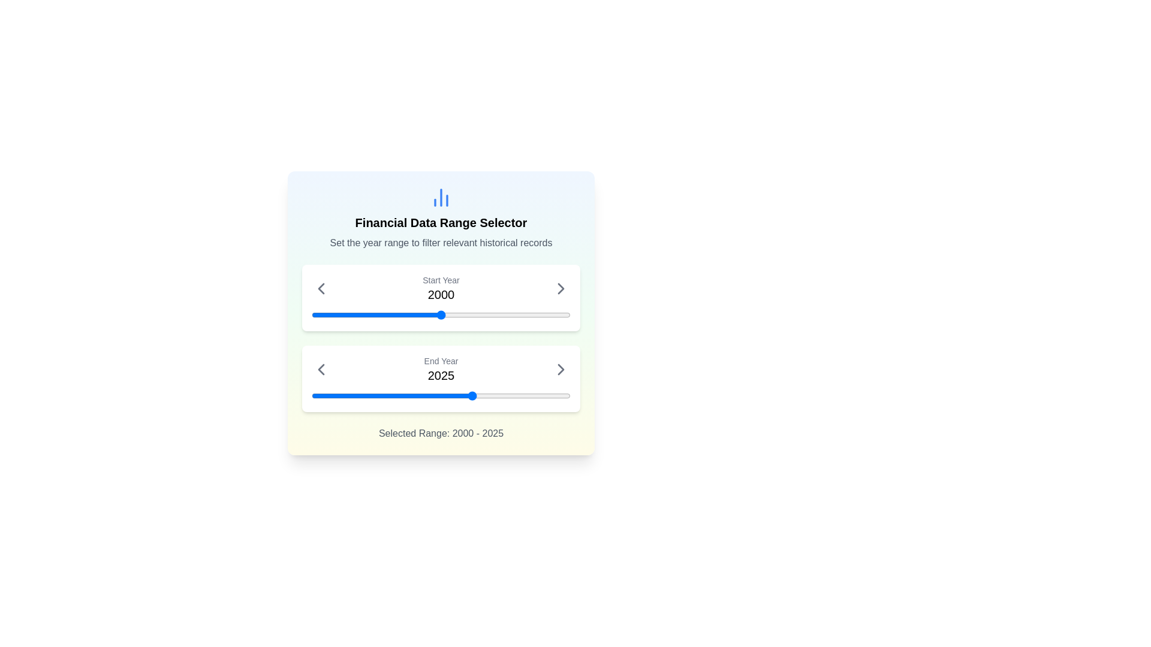  What do you see at coordinates (440, 434) in the screenshot?
I see `the Text Label that displays the currently selected range of years, located at the bottom of the 'Financial Data Range Selector' card interface` at bounding box center [440, 434].